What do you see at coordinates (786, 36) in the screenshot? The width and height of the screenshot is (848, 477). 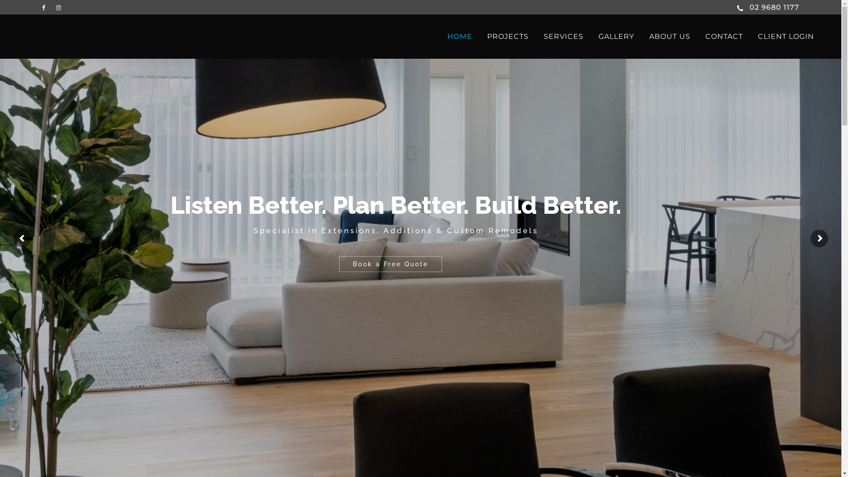 I see `'CLIENT LOGIN'` at bounding box center [786, 36].